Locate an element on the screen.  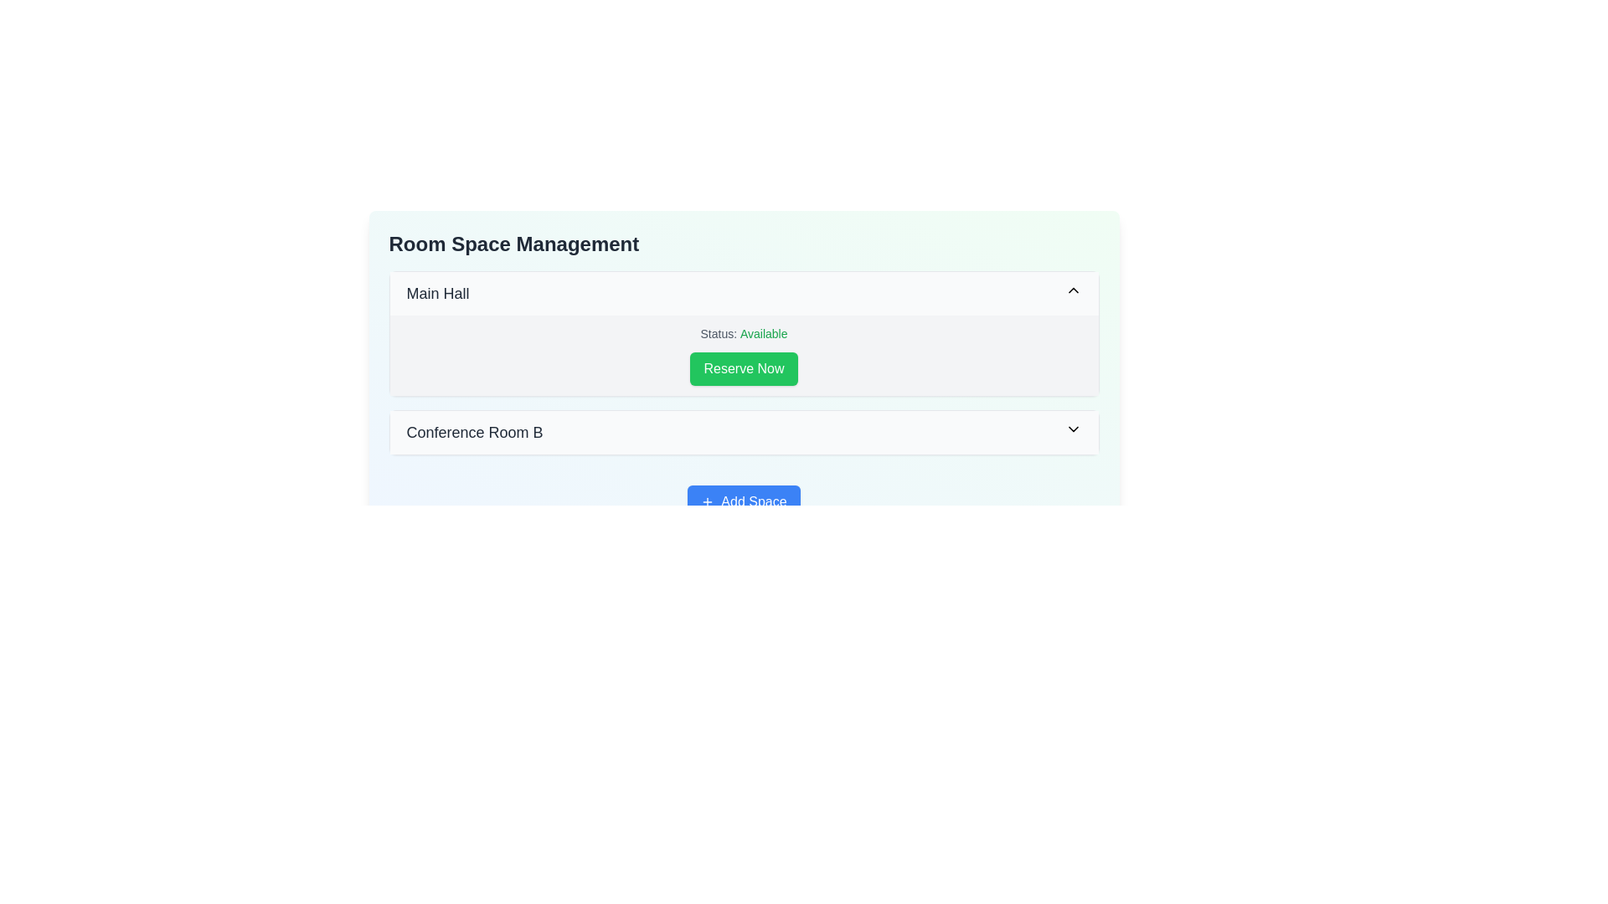
the plus icon located to the left of the 'Add Space' button to initiate the action of adding a space is located at coordinates (708, 501).